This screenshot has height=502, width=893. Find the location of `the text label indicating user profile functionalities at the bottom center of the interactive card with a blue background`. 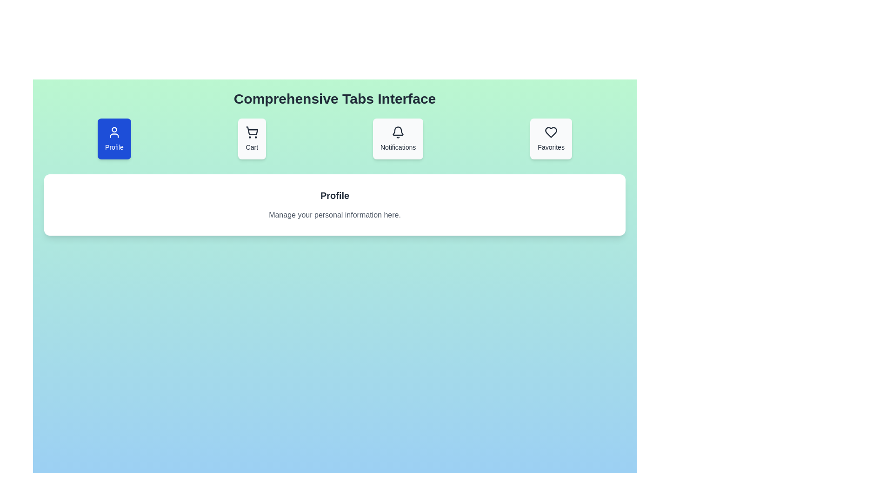

the text label indicating user profile functionalities at the bottom center of the interactive card with a blue background is located at coordinates (113, 146).